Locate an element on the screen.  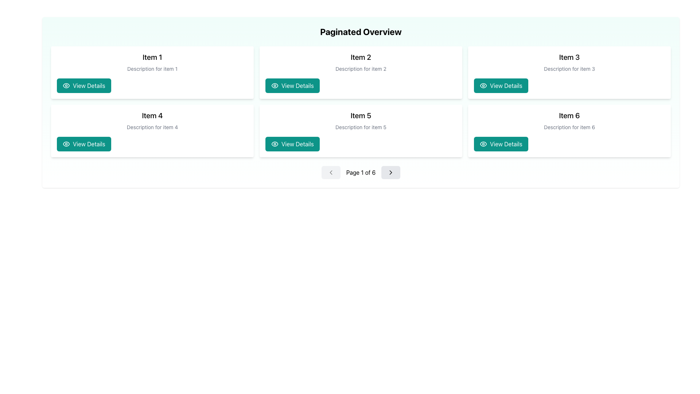
the teal button labeled 'View Details' with an eye icon to change its appearance is located at coordinates (84, 85).